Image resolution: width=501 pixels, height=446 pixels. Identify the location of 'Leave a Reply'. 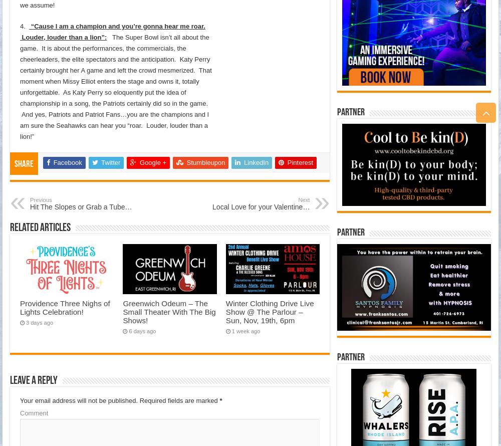
(33, 380).